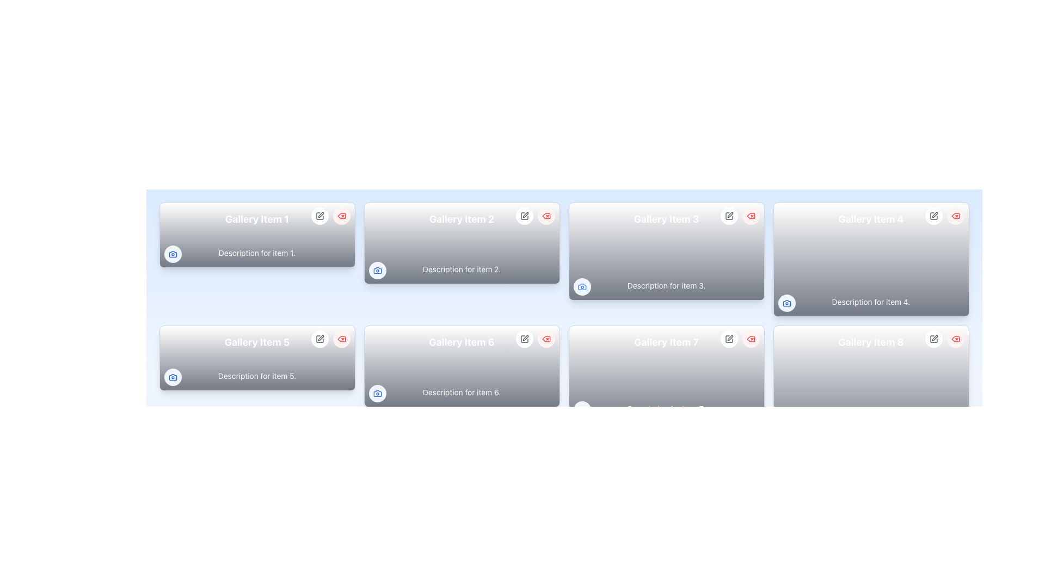  Describe the element at coordinates (319, 339) in the screenshot. I see `the Edit Icon button located at the top-right corner of the Gallery Item 5 card to observe the hover effect` at that location.